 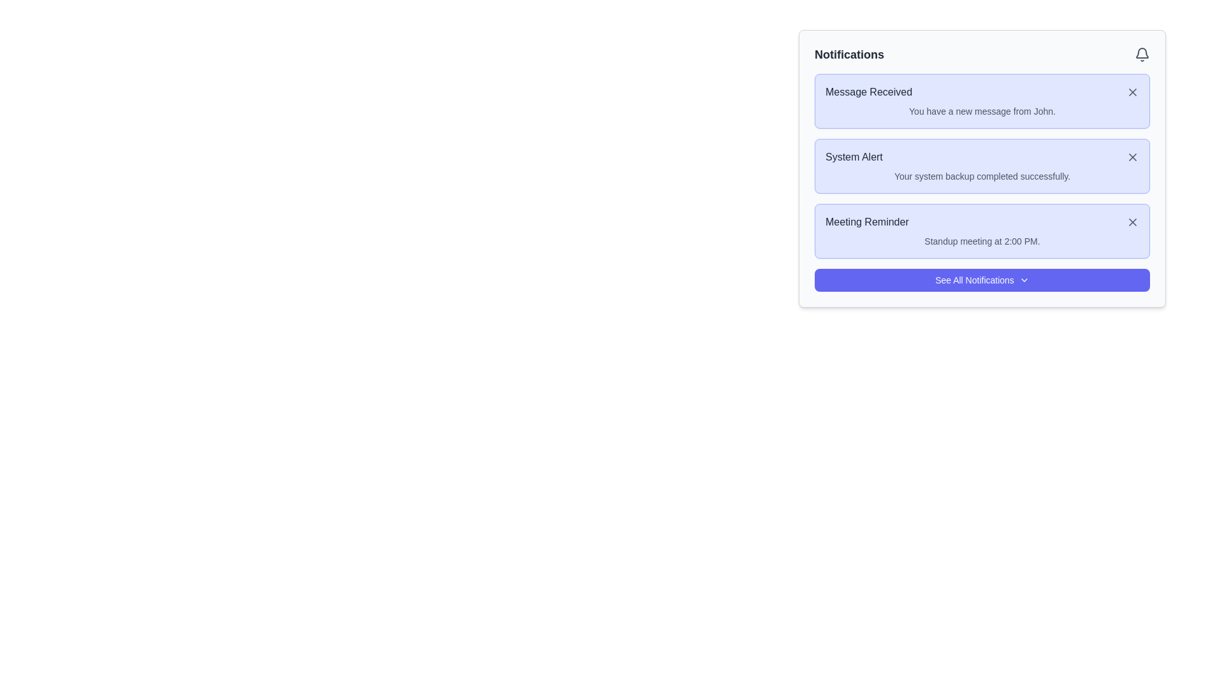 What do you see at coordinates (981, 279) in the screenshot?
I see `the button located at the bottom of the 'Notifications' card` at bounding box center [981, 279].